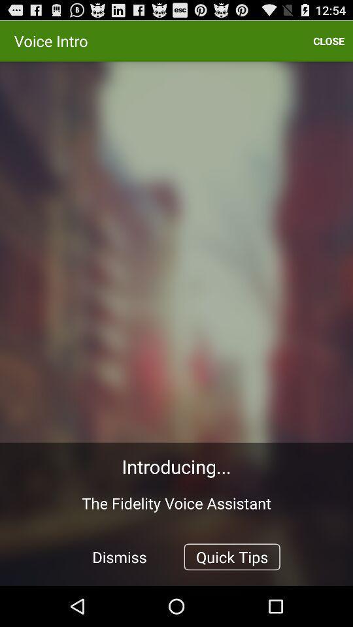 The image size is (353, 627). I want to click on icon at the top right corner, so click(328, 40).